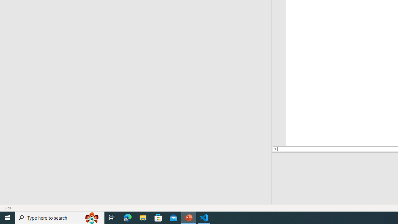  What do you see at coordinates (60, 217) in the screenshot?
I see `'Type here to search'` at bounding box center [60, 217].